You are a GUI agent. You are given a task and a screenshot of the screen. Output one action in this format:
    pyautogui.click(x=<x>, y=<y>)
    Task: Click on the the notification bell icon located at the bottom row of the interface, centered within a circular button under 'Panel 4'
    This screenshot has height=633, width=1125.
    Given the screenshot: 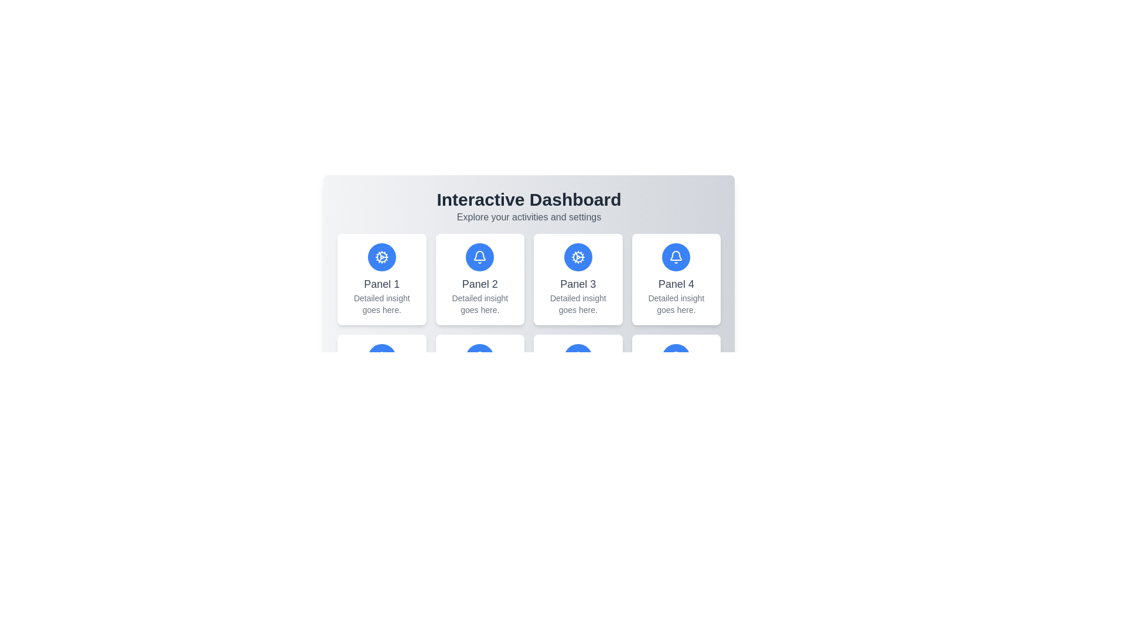 What is the action you would take?
    pyautogui.click(x=676, y=357)
    